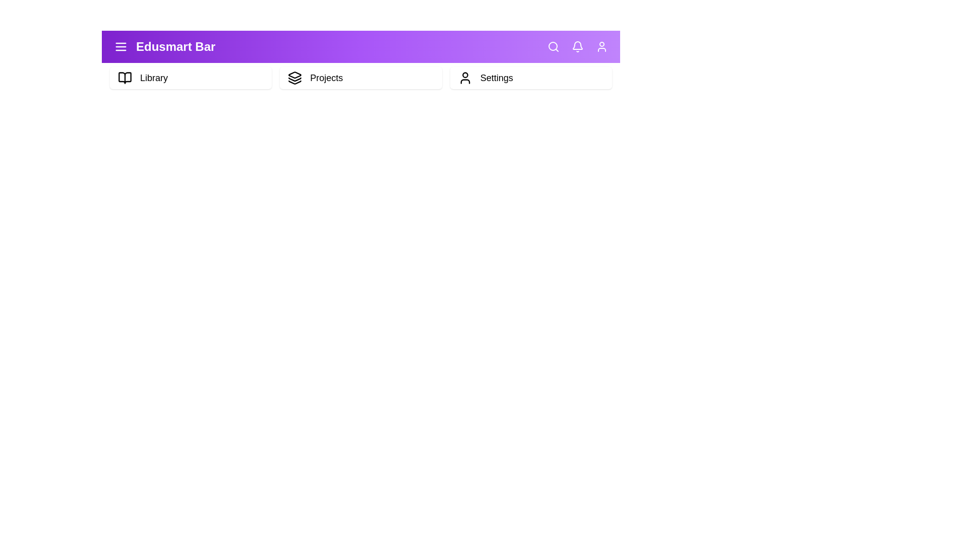 The image size is (968, 544). Describe the element at coordinates (121, 46) in the screenshot. I see `the menu icon to view its hover effect` at that location.